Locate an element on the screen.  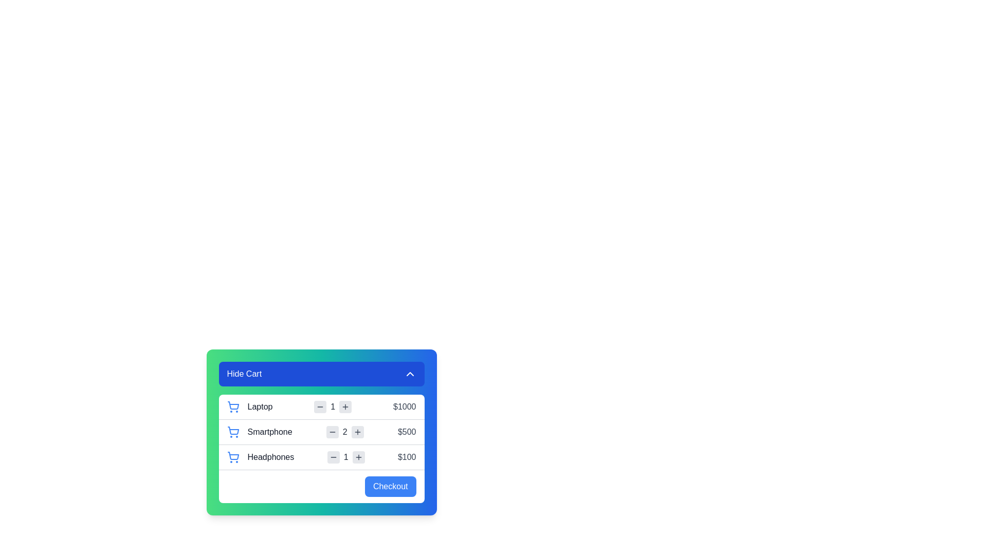
the 'Headphones' entry in the shopping cart interface, which includes a blue shopping cart icon and black text is located at coordinates (260, 457).